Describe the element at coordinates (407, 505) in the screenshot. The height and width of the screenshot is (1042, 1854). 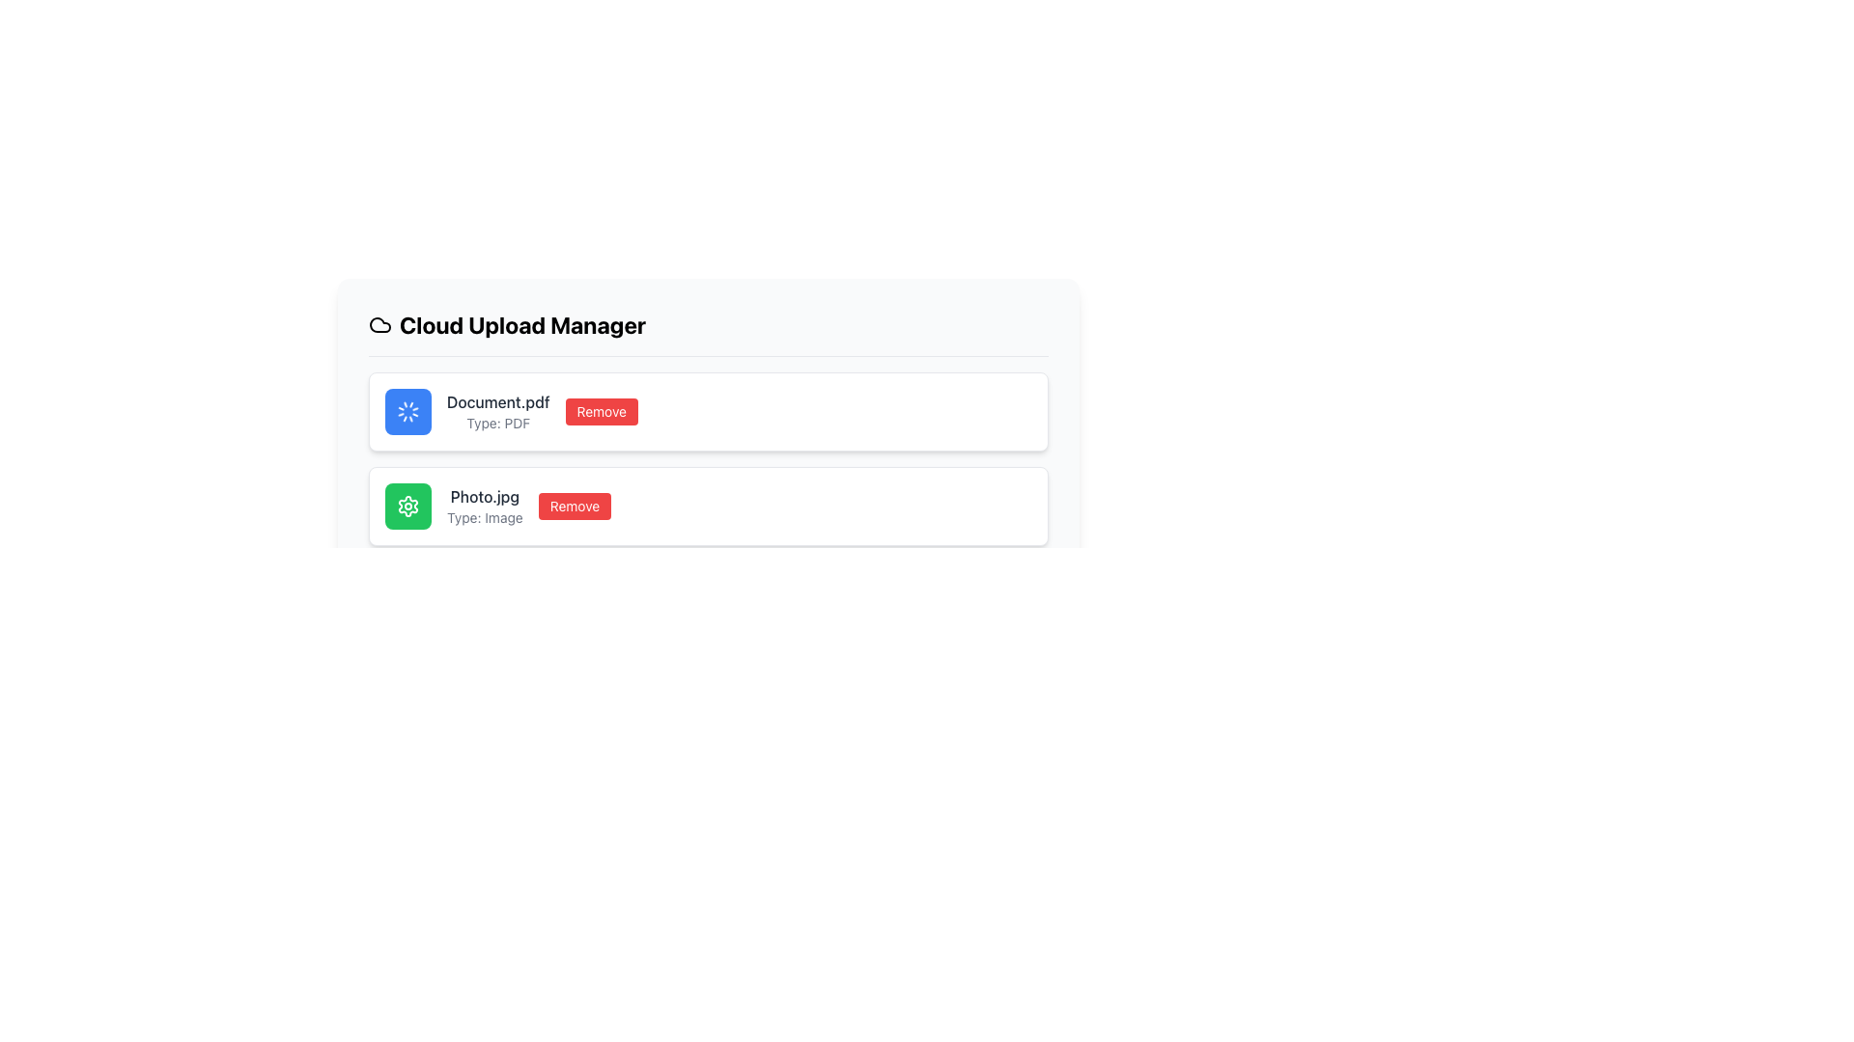
I see `the settings icon located to the left of 'Photo.jpg' in the uploaded files list, which signifies options related to the file` at that location.